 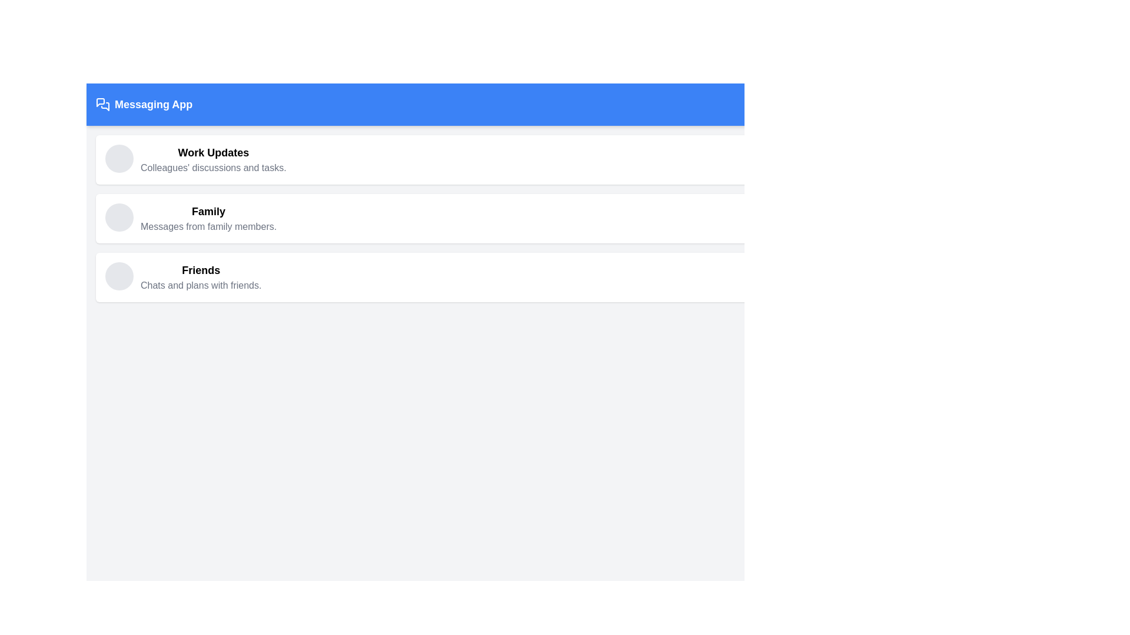 What do you see at coordinates (102, 103) in the screenshot?
I see `the SVG icon resembling two overlapping speech bubbles located to the left of the 'Messaging App' text in the blue header bar` at bounding box center [102, 103].